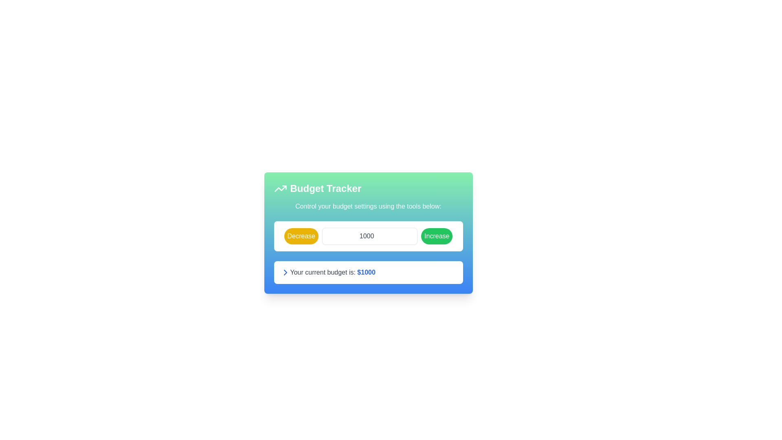  What do you see at coordinates (285, 272) in the screenshot?
I see `the blue rightward-pointing chevron icon located to the left of the text 'Your current budget is: $1000'` at bounding box center [285, 272].